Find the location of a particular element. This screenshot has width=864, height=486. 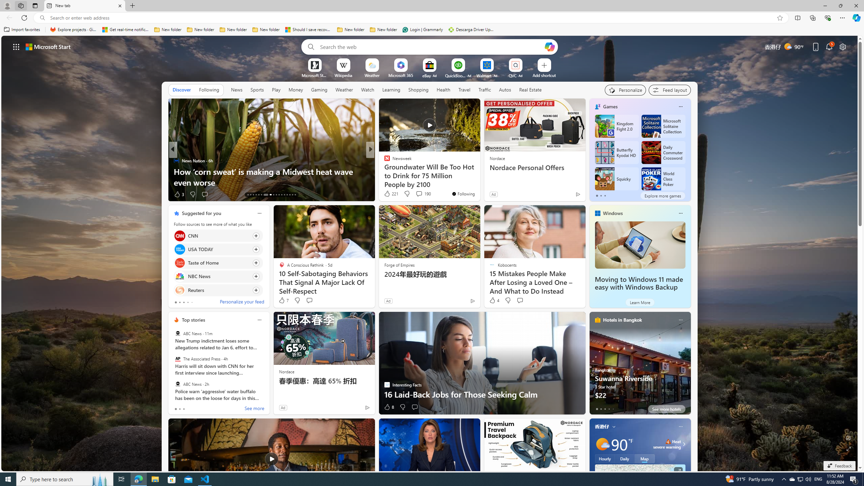

'Larger map ' is located at coordinates (640, 486).